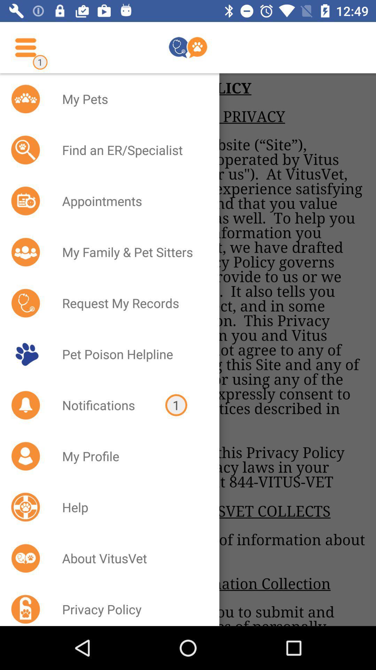  What do you see at coordinates (132, 98) in the screenshot?
I see `my pets item` at bounding box center [132, 98].